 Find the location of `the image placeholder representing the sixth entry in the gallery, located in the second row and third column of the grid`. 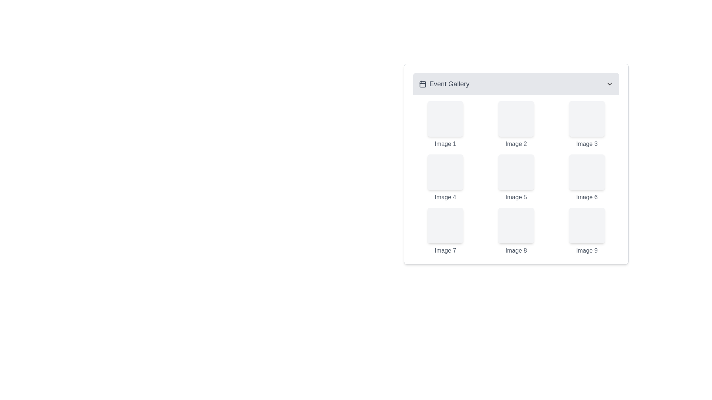

the image placeholder representing the sixth entry in the gallery, located in the second row and third column of the grid is located at coordinates (586, 172).